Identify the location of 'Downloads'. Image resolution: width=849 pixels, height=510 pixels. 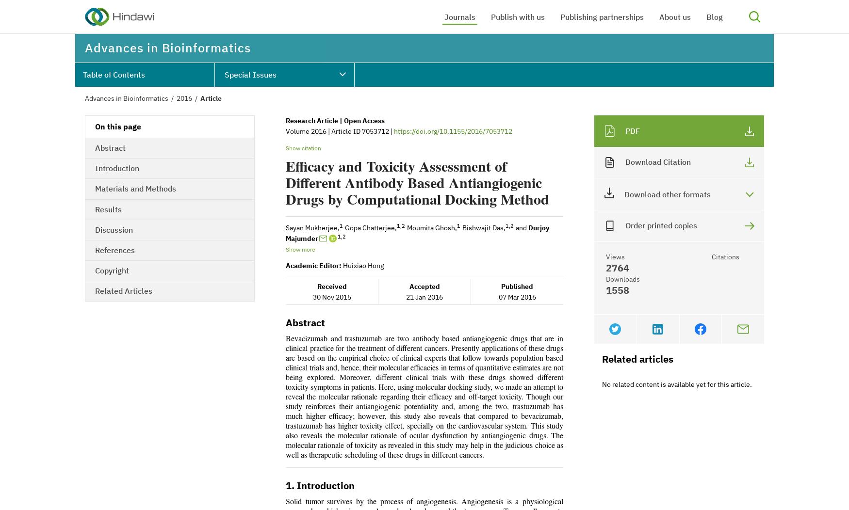
(622, 278).